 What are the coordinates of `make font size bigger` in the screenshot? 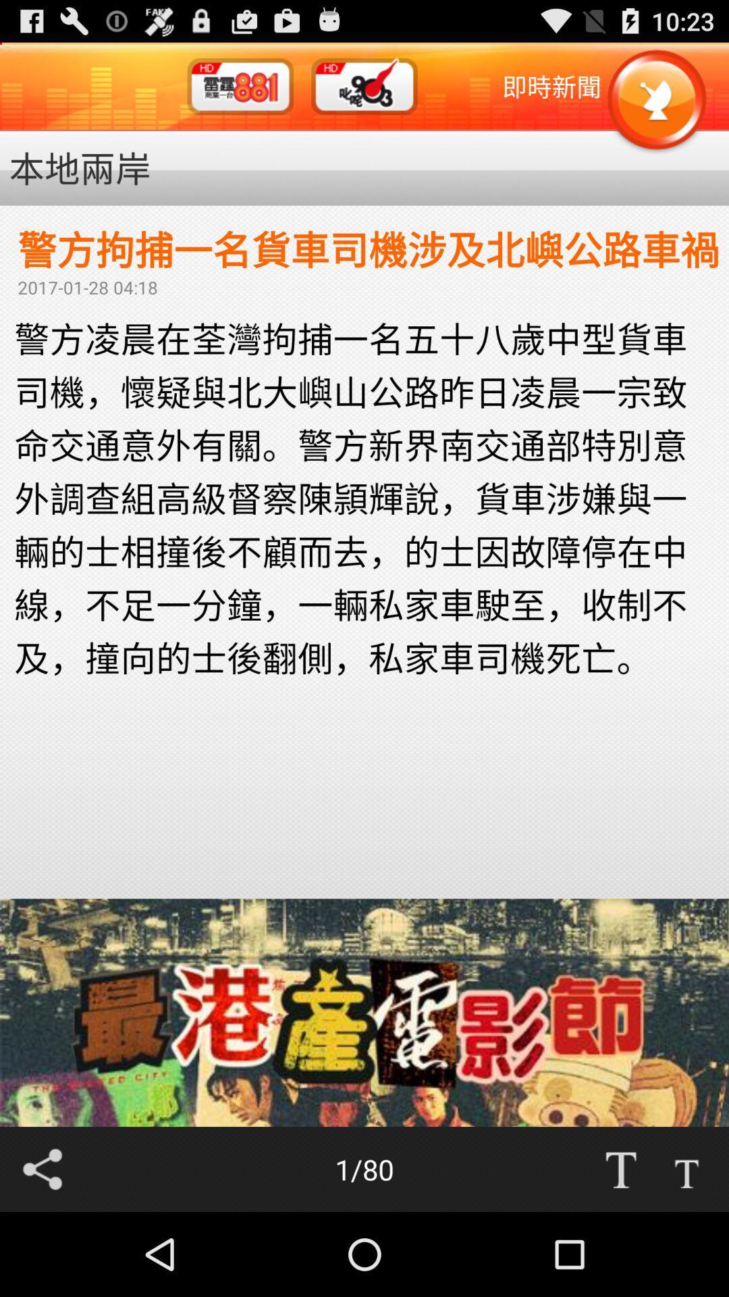 It's located at (620, 1169).